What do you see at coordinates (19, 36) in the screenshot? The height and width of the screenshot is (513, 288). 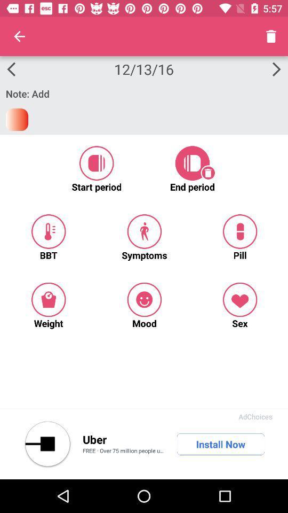 I see `item next to the 12/13/16 icon` at bounding box center [19, 36].